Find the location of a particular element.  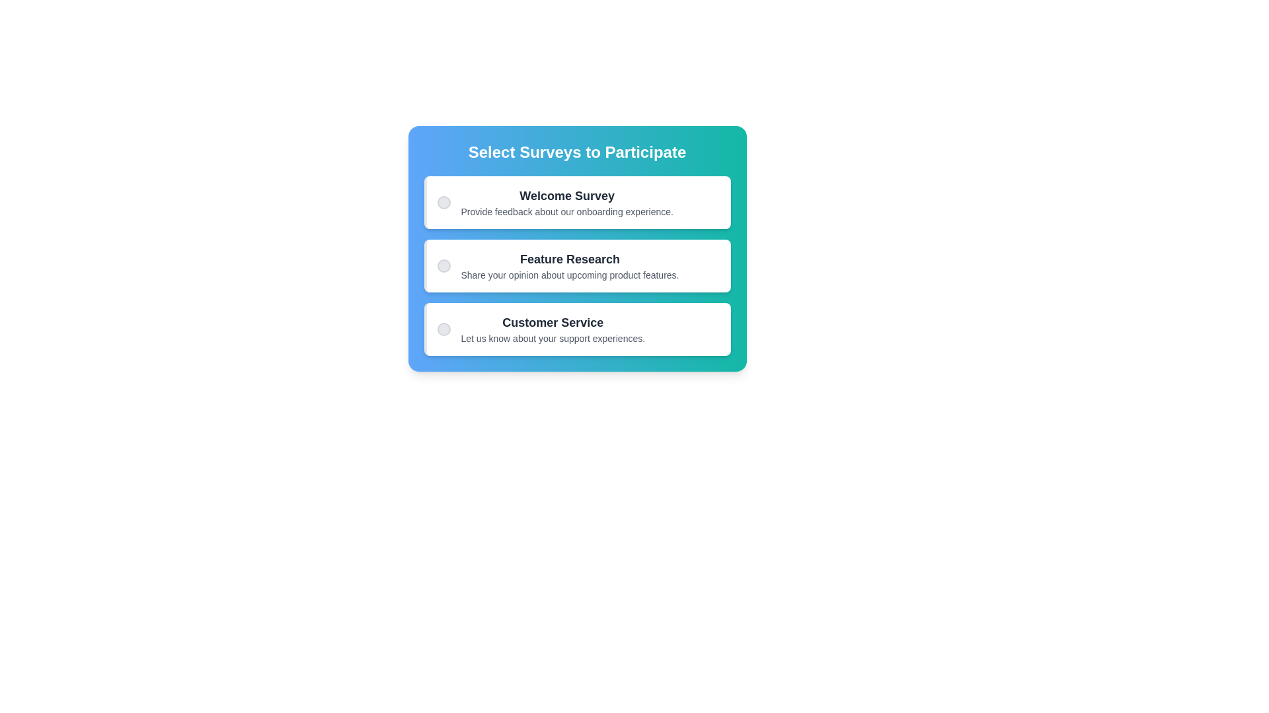

the descriptive text element located below the 'Welcome Survey' header within the white rectangular card in the 'Select Surveys to Participate' section is located at coordinates (567, 211).